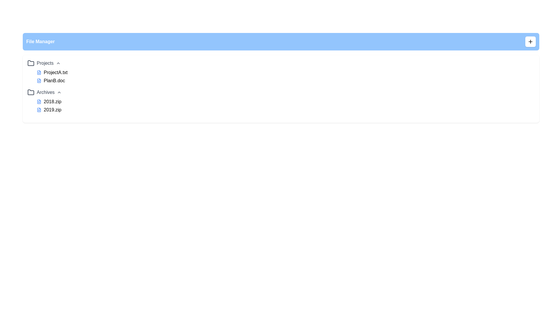 This screenshot has height=315, width=560. What do you see at coordinates (30, 92) in the screenshot?
I see `the folder icon located next to the 'Archives' folder label in the left-side list of directories and files within the File Manager` at bounding box center [30, 92].